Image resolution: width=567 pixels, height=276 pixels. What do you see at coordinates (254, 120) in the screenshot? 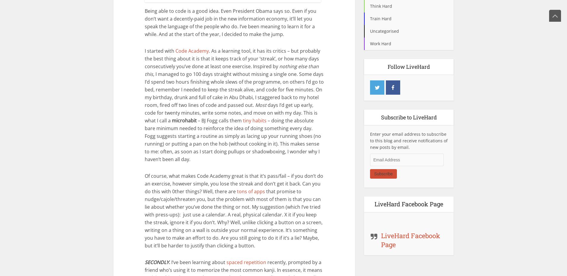
I see `'tiny habits'` at bounding box center [254, 120].